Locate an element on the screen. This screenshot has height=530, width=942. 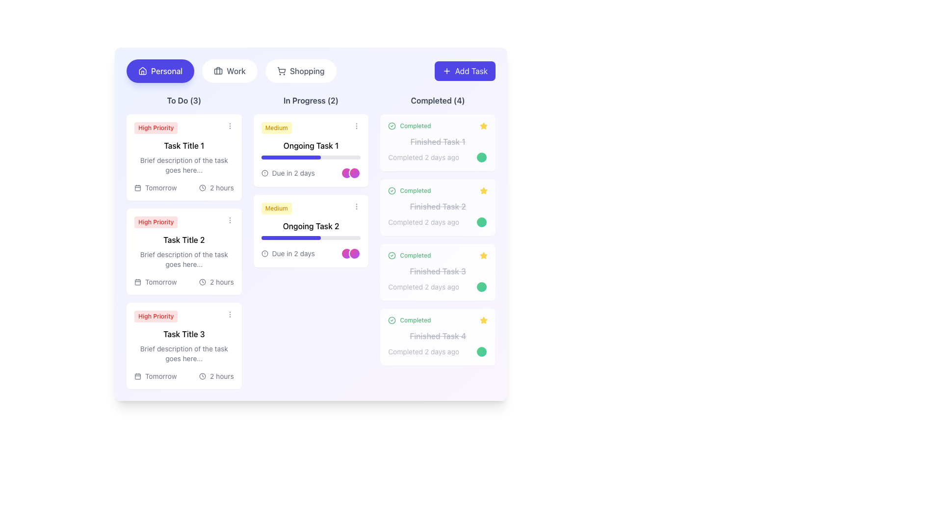
the 'High Priority' label with a light red background and bold red text, located in the top-left corner of the 'Task Title 3' card in the 'To Do' column is located at coordinates (156, 316).